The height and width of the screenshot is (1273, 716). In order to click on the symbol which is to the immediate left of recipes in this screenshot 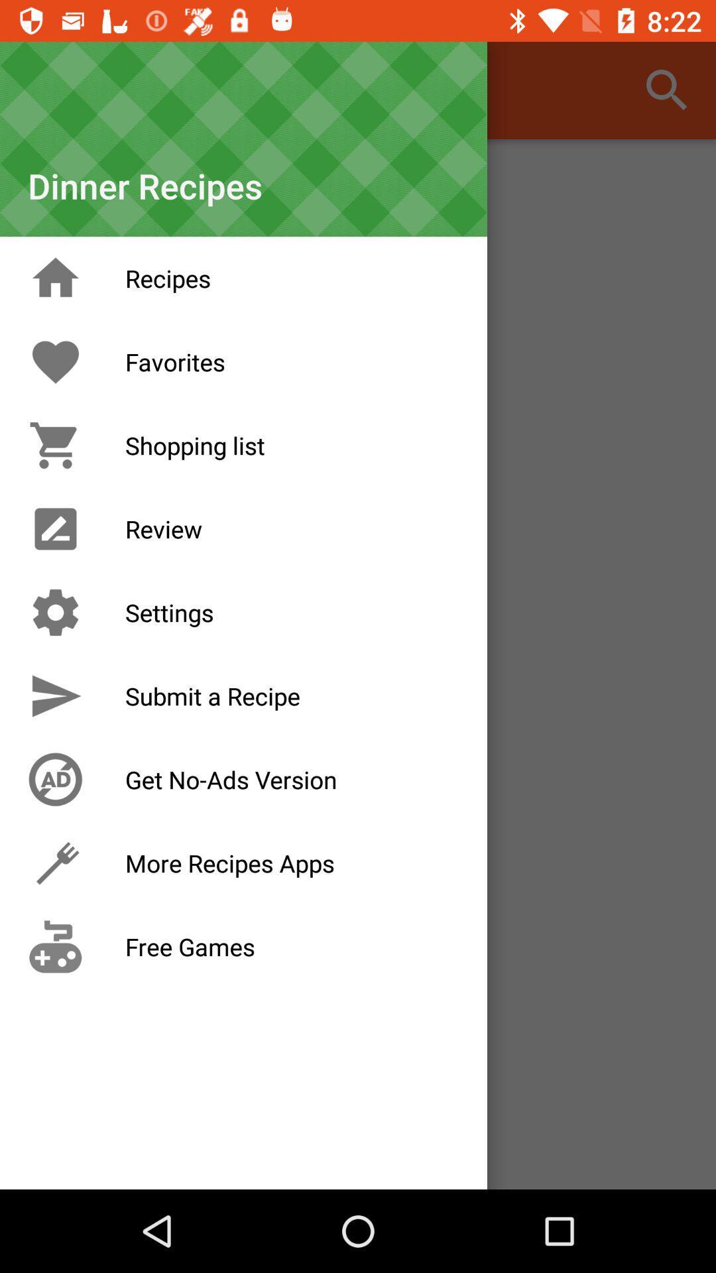, I will do `click(55, 278)`.